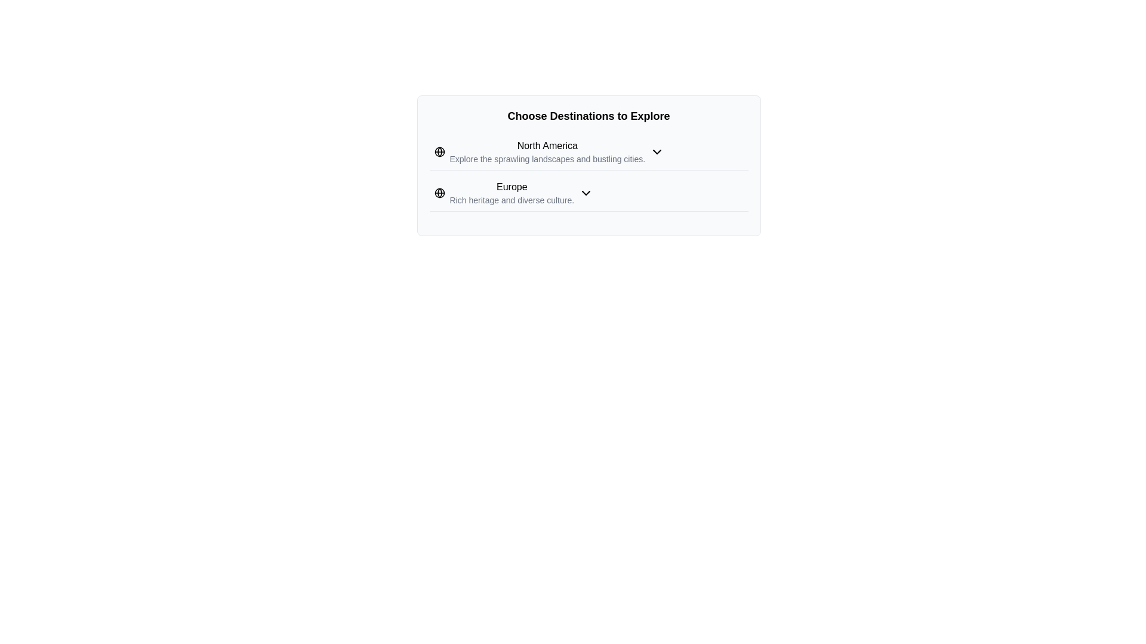  Describe the element at coordinates (439, 193) in the screenshot. I see `the globe icon representing the 'Europe' section, which is positioned to the left of the text 'Europe'` at that location.